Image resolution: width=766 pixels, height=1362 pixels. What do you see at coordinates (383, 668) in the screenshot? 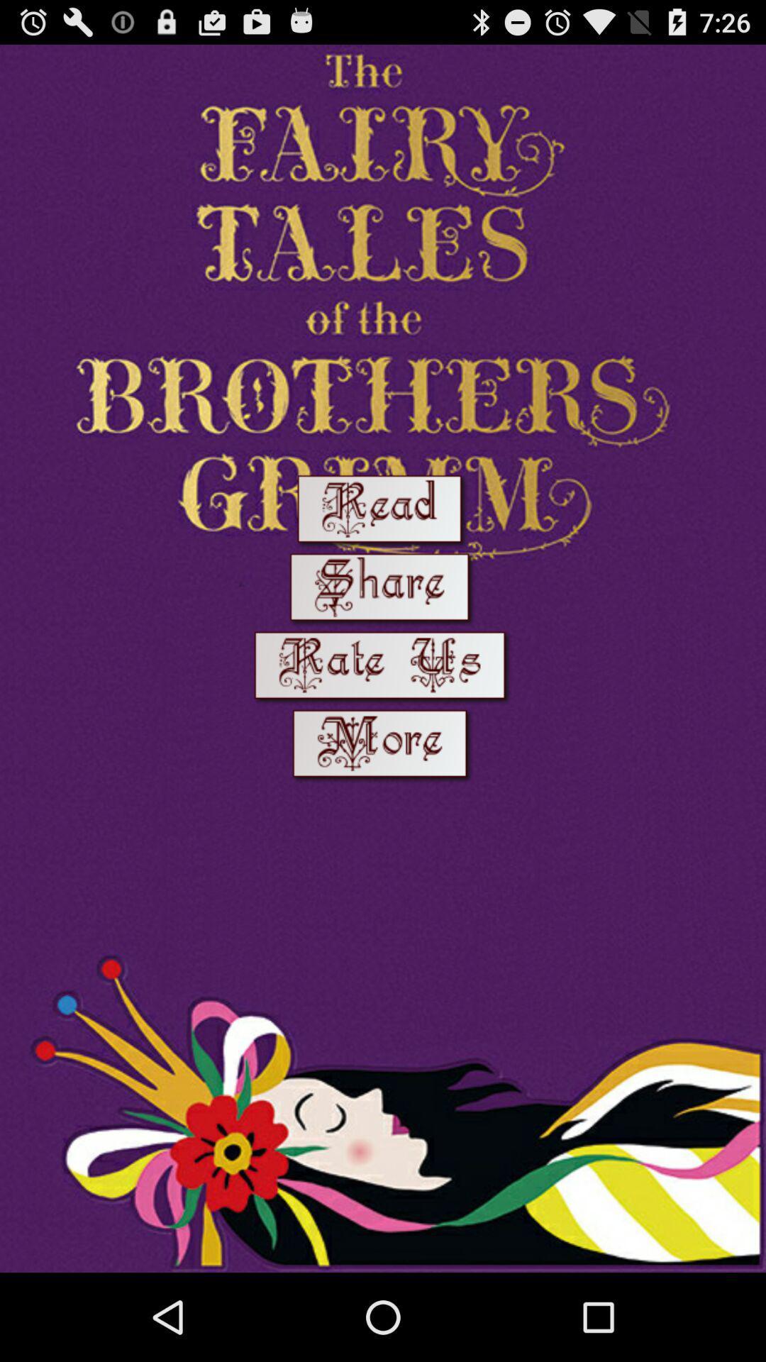
I see `rate` at bounding box center [383, 668].